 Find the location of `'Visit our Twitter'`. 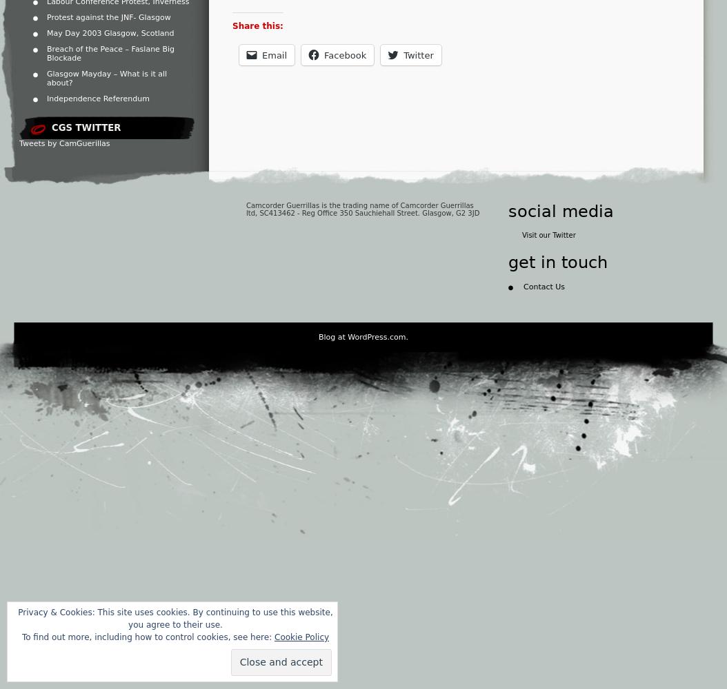

'Visit our Twitter' is located at coordinates (548, 234).